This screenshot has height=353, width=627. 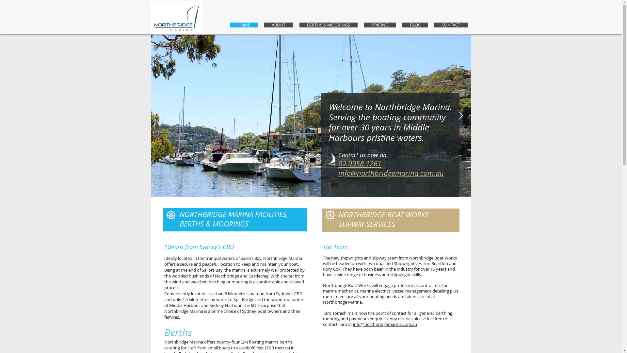 I want to click on 'FAQS', so click(x=415, y=25).